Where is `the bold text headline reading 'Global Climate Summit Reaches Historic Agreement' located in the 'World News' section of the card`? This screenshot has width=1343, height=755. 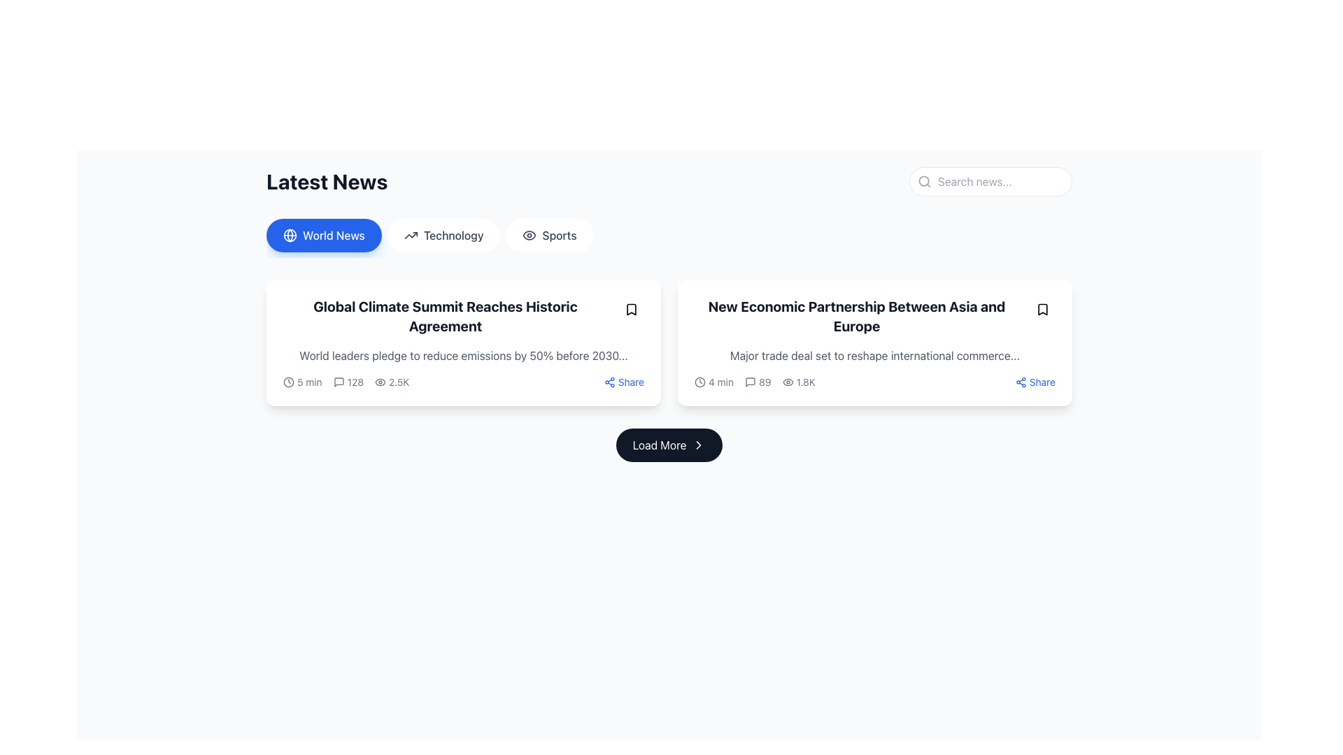
the bold text headline reading 'Global Climate Summit Reaches Historic Agreement' located in the 'World News' section of the card is located at coordinates (463, 316).